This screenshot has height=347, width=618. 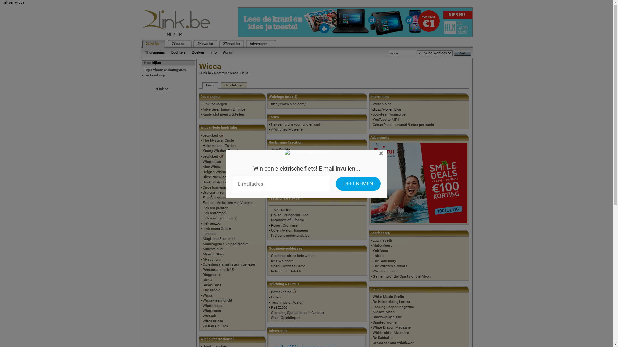 I want to click on 'Susan Smit', so click(x=212, y=285).